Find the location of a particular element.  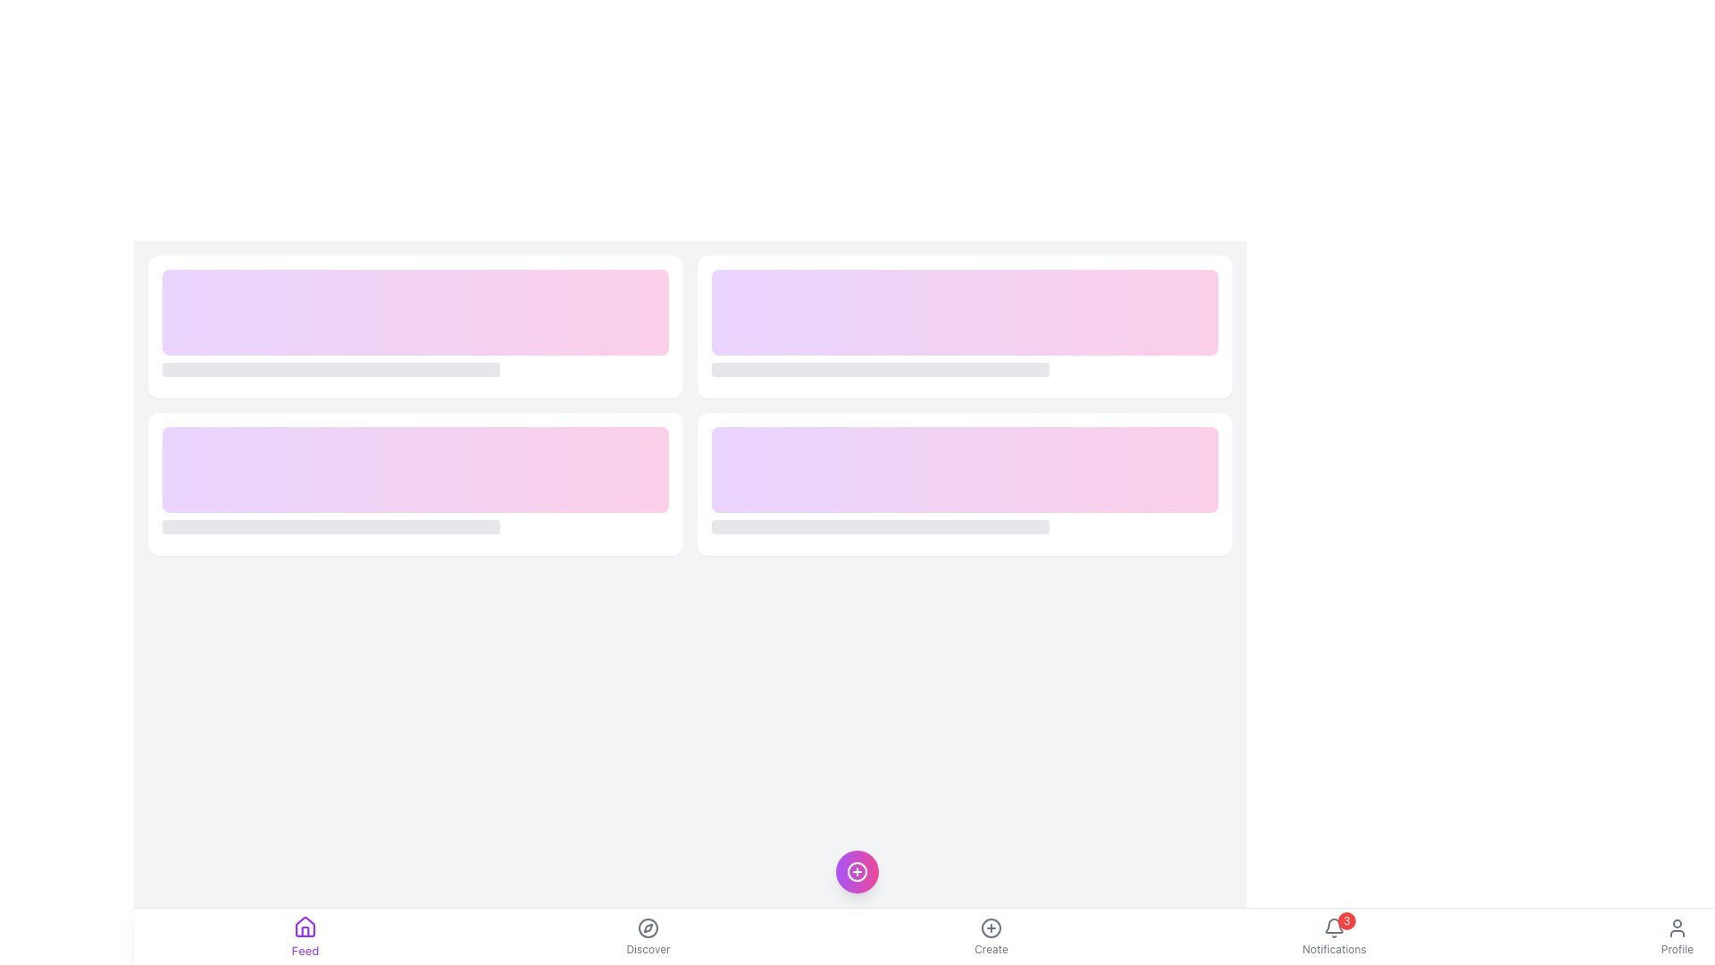

the central icon button within the 'Discover' navigation item at the bottom navigation bar to trigger a tooltip or visual feedback is located at coordinates (647, 926).